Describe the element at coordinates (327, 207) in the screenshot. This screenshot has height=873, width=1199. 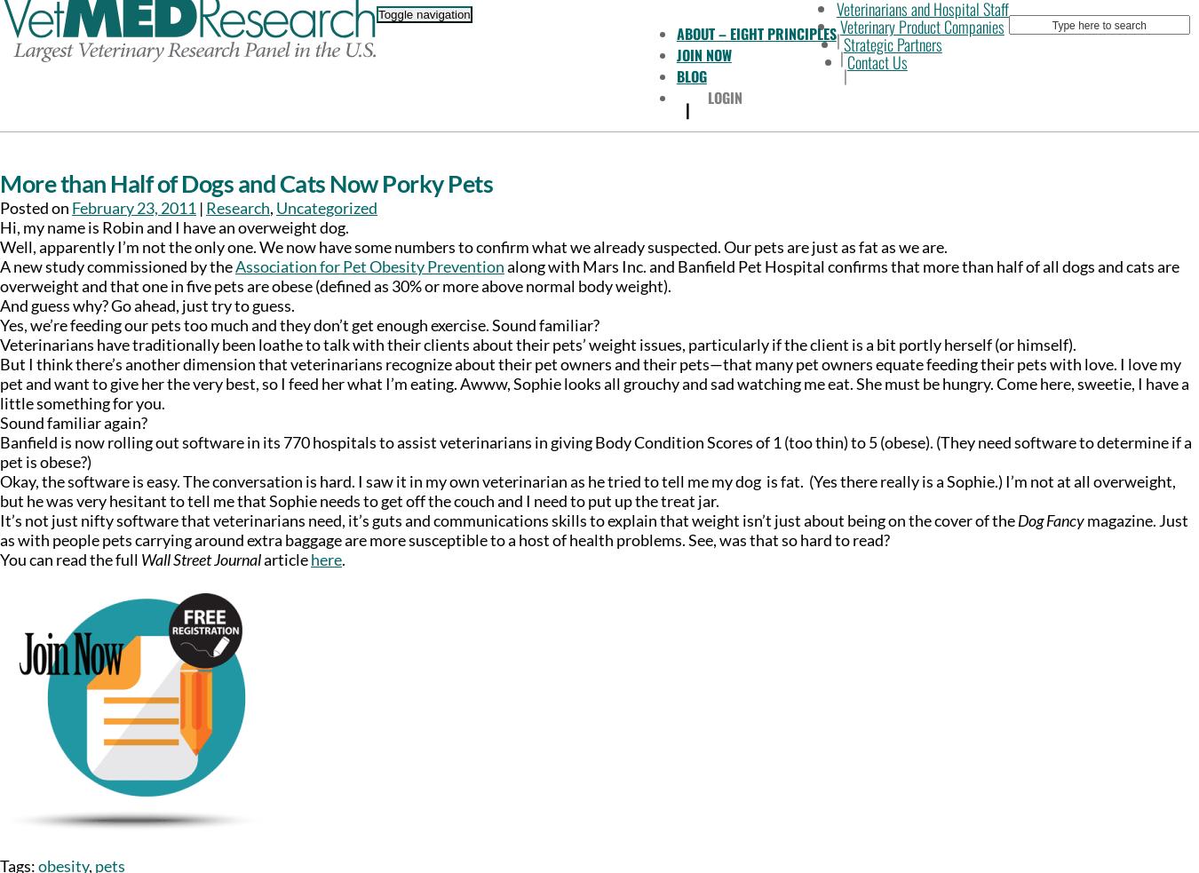
I see `'Uncategorized'` at that location.